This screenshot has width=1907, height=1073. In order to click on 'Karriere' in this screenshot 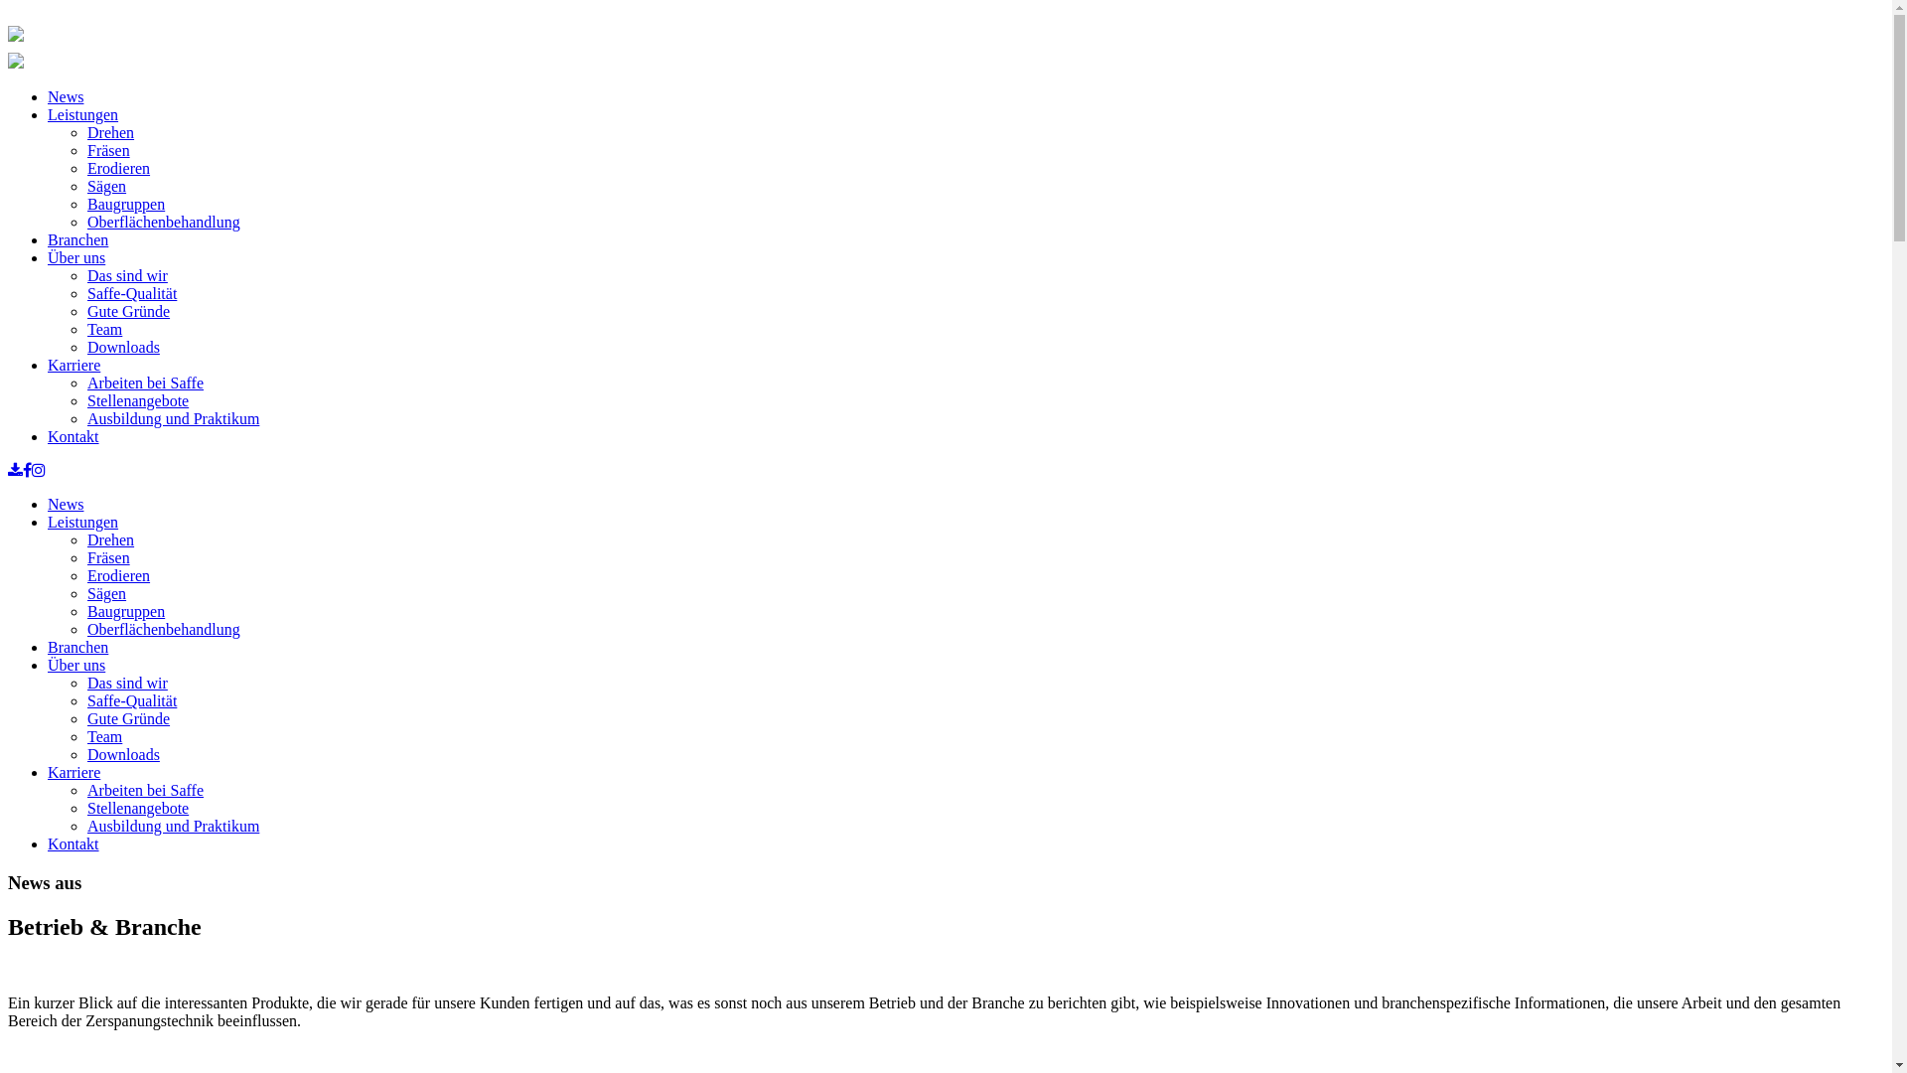, I will do `click(73, 771)`.